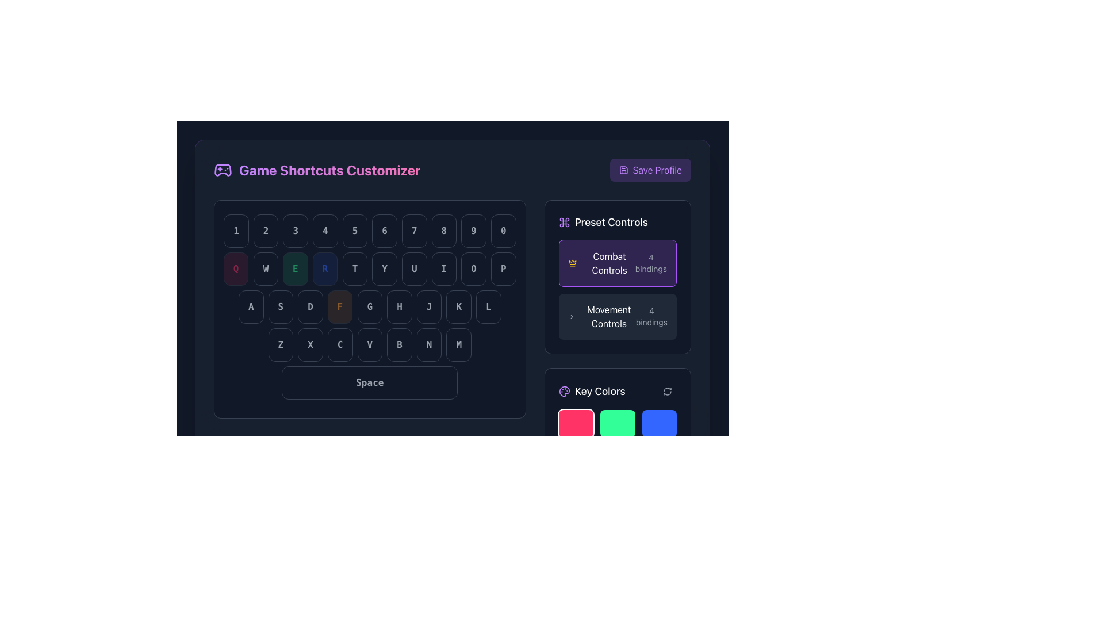  I want to click on the numeric button labeled '2' in the virtual keyboard layout, so click(265, 231).